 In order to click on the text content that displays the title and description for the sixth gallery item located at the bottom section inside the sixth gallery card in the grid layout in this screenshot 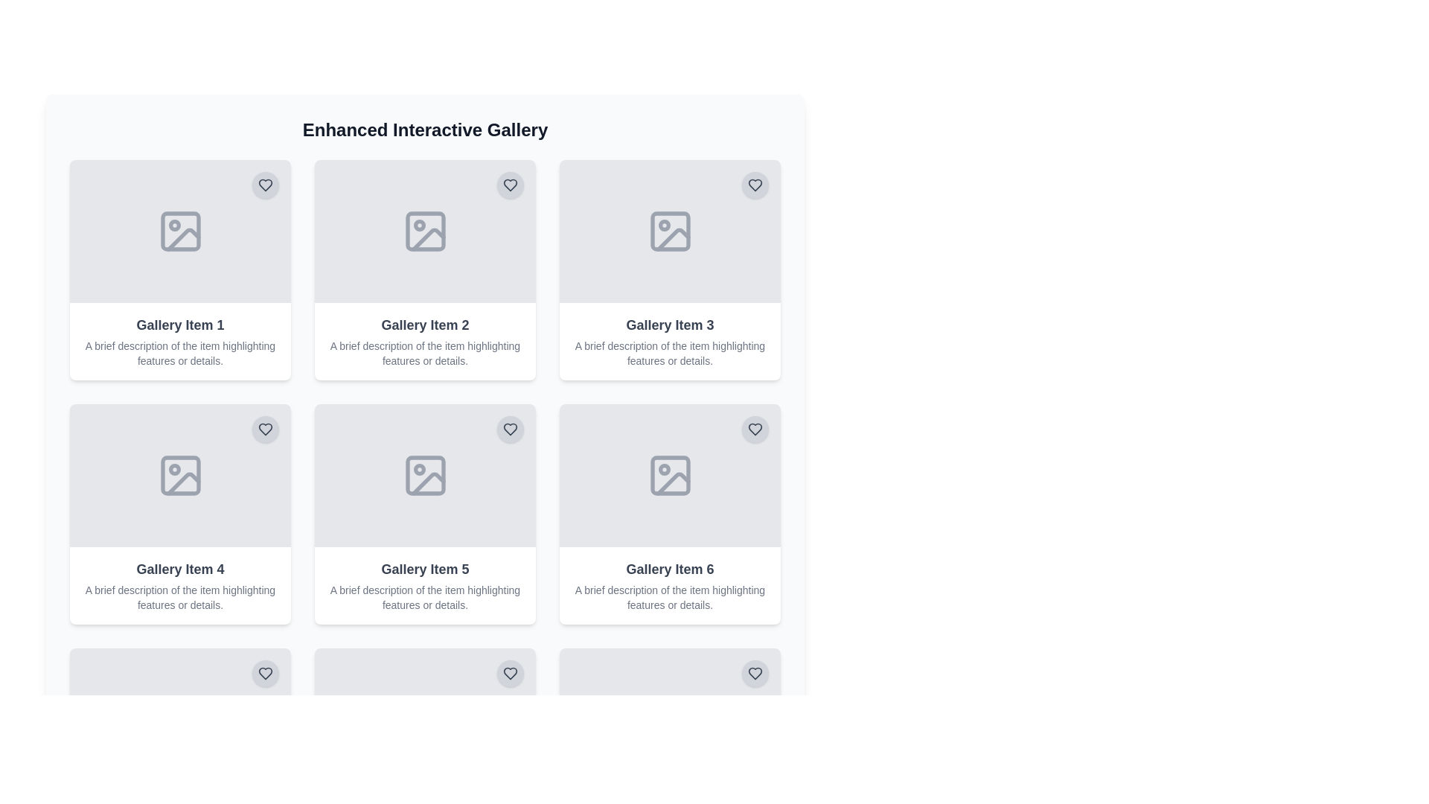, I will do `click(669, 584)`.